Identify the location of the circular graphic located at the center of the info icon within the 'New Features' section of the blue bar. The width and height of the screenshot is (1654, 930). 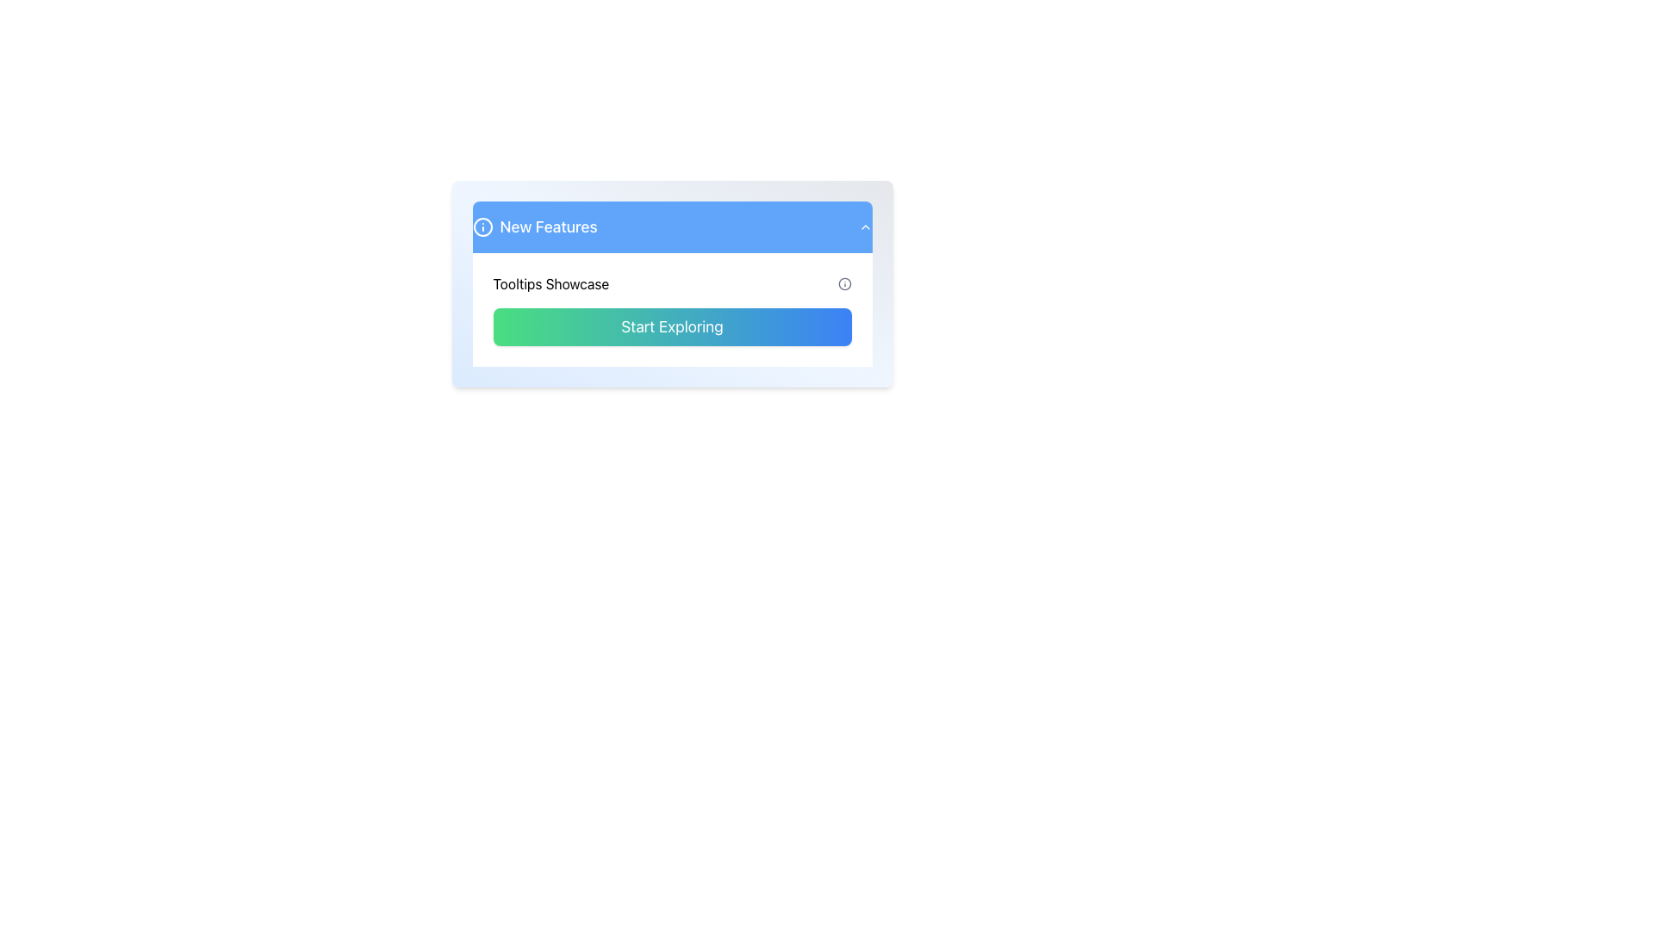
(844, 283).